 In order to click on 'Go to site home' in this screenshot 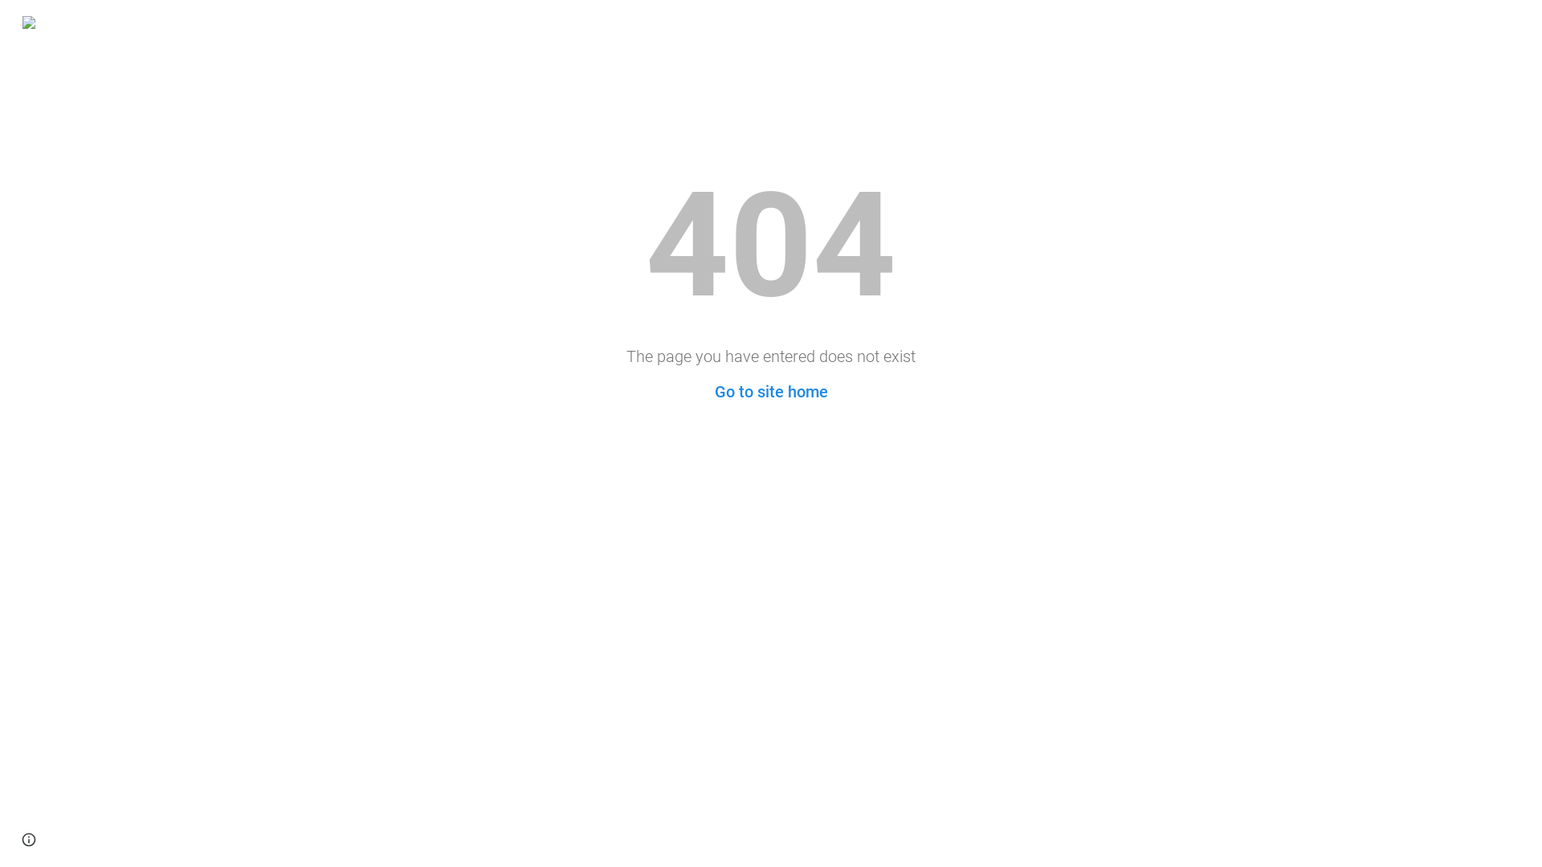, I will do `click(771, 392)`.